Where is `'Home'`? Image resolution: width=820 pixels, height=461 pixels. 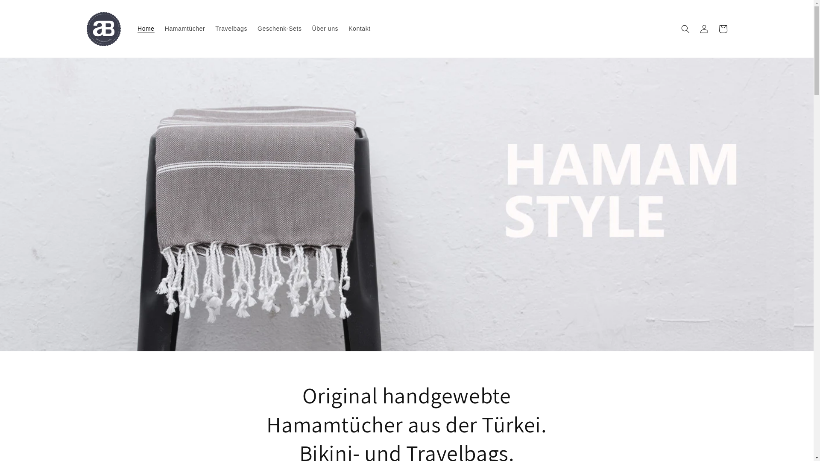 'Home' is located at coordinates (132, 28).